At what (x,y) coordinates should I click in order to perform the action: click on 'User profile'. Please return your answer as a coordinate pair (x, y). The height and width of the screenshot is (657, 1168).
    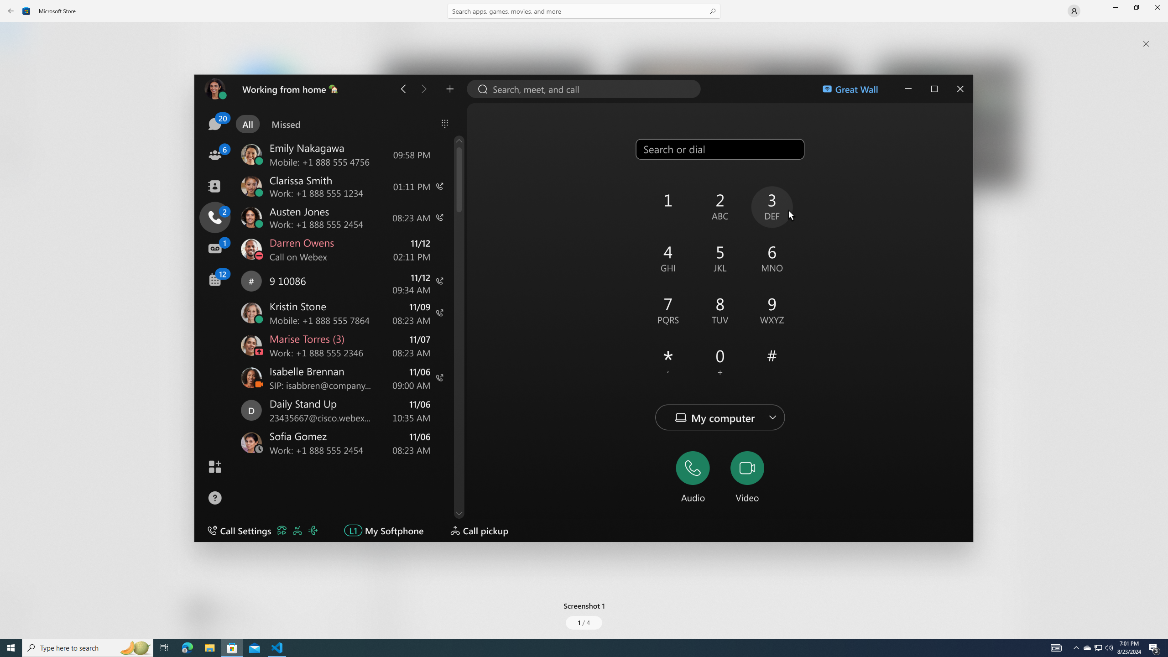
    Looking at the image, I should click on (1073, 10).